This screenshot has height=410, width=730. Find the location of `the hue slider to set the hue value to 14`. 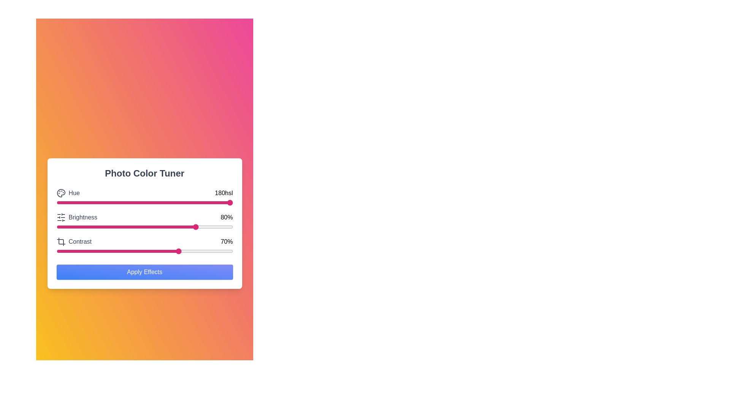

the hue slider to set the hue value to 14 is located at coordinates (81, 202).